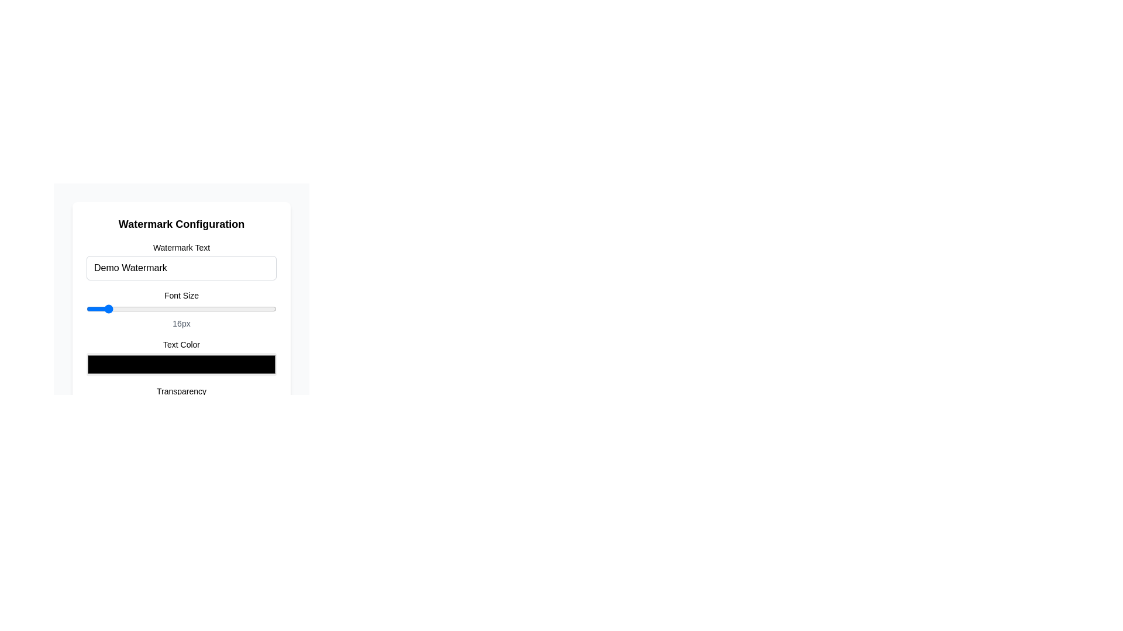 The height and width of the screenshot is (631, 1123). What do you see at coordinates (92, 308) in the screenshot?
I see `the font size slider` at bounding box center [92, 308].